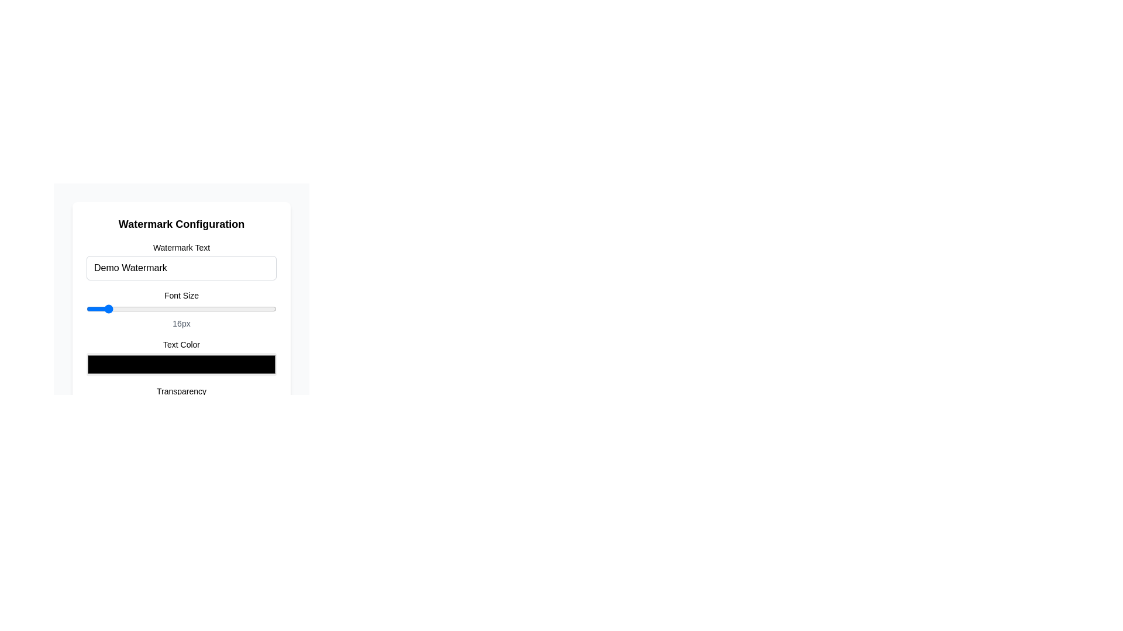 The height and width of the screenshot is (631, 1123). What do you see at coordinates (92, 308) in the screenshot?
I see `the font size slider` at bounding box center [92, 308].